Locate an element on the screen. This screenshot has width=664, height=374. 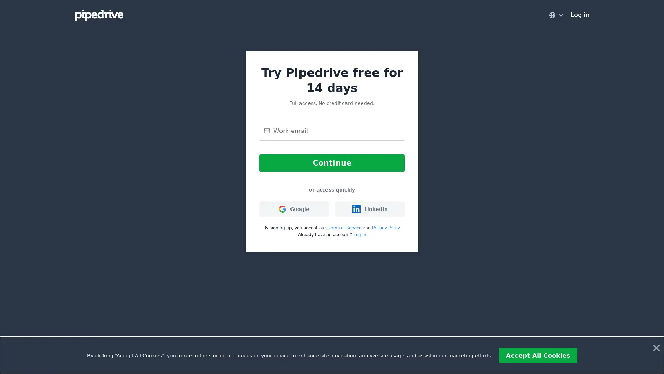
Continue is located at coordinates (332, 163).